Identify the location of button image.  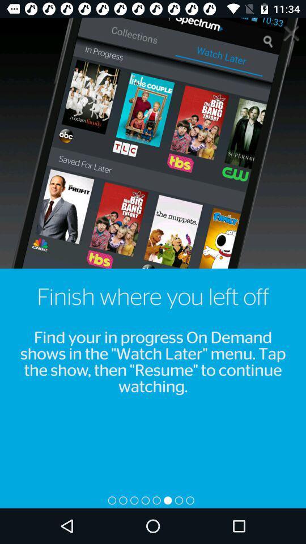
(291, 32).